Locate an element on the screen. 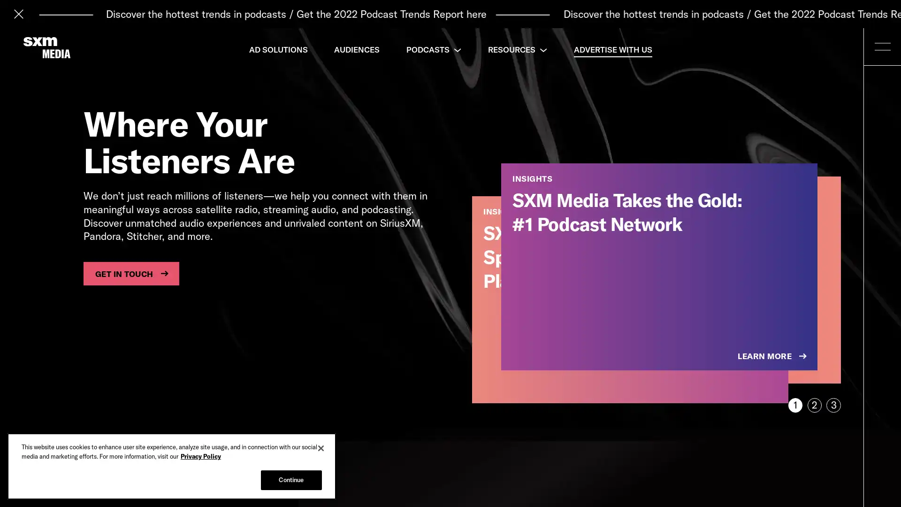 The image size is (901, 507). LEARN MORE is located at coordinates (773, 356).